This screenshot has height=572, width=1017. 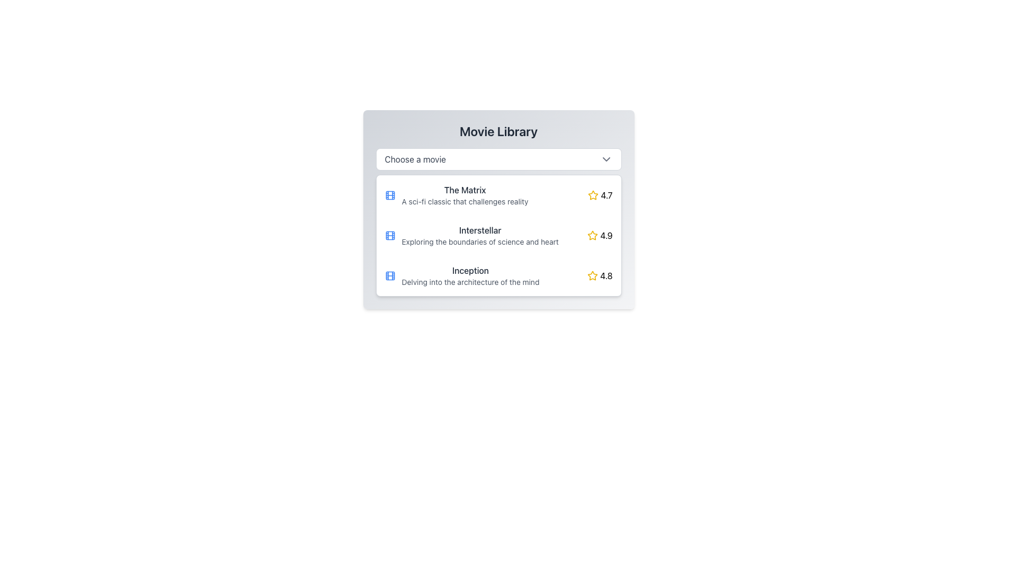 I want to click on the movie icon located to the left of the entry titled 'The Matrix - A sci-fi classic that challenges reality' in the 'Movie Library', so click(x=389, y=195).